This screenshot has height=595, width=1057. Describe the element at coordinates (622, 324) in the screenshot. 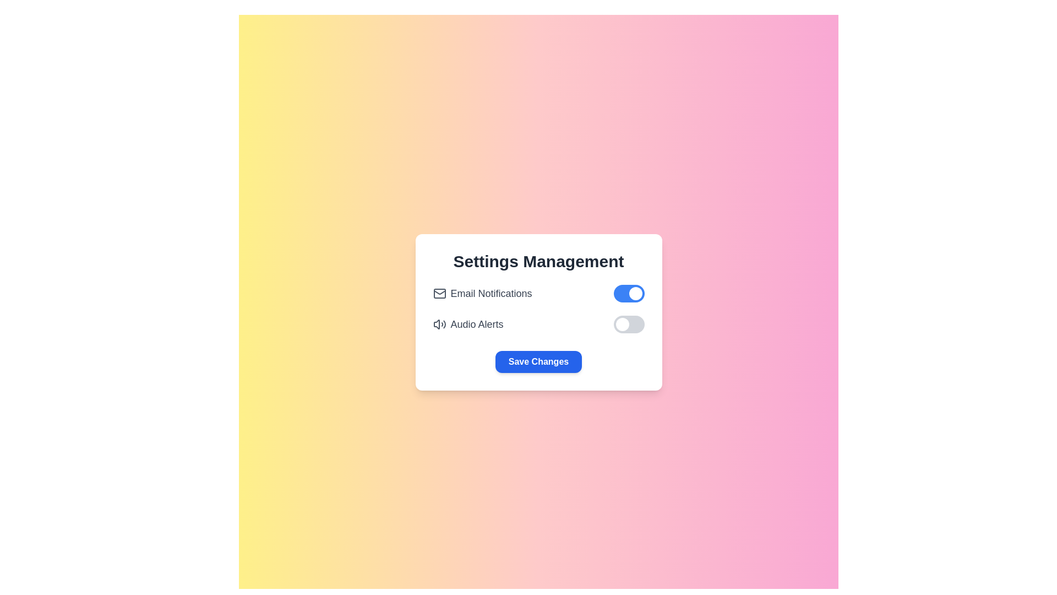

I see `the toggle knob of the 'Audio Alerts' switch` at that location.